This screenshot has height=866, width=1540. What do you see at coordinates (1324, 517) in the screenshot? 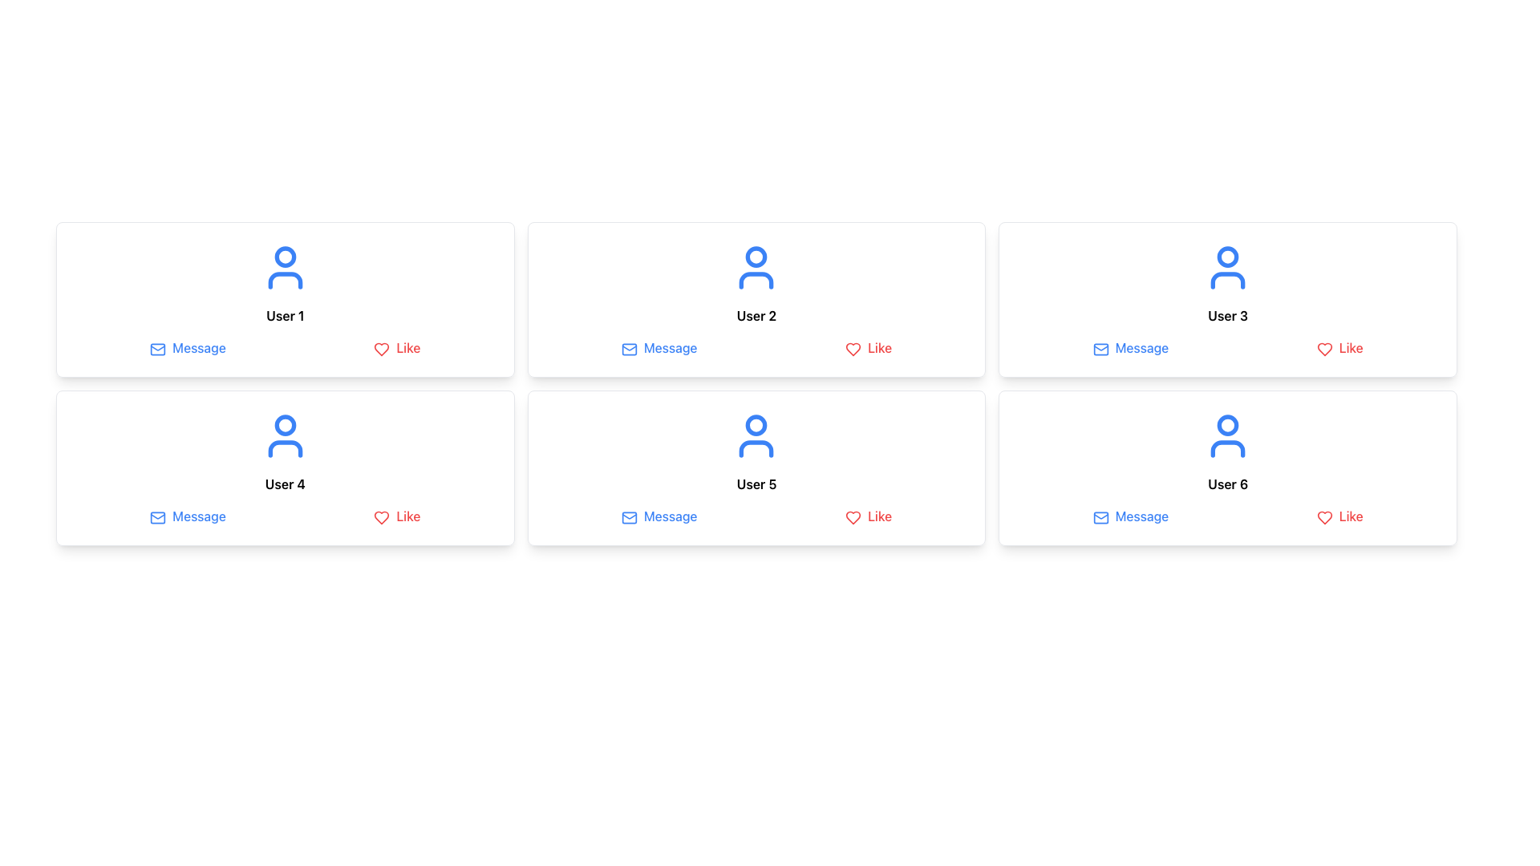
I see `the heart-shaped red icon located to the right of the 'Like' text, positioned in the bottom-right section of the third card in the second row of a grid layout` at bounding box center [1324, 517].